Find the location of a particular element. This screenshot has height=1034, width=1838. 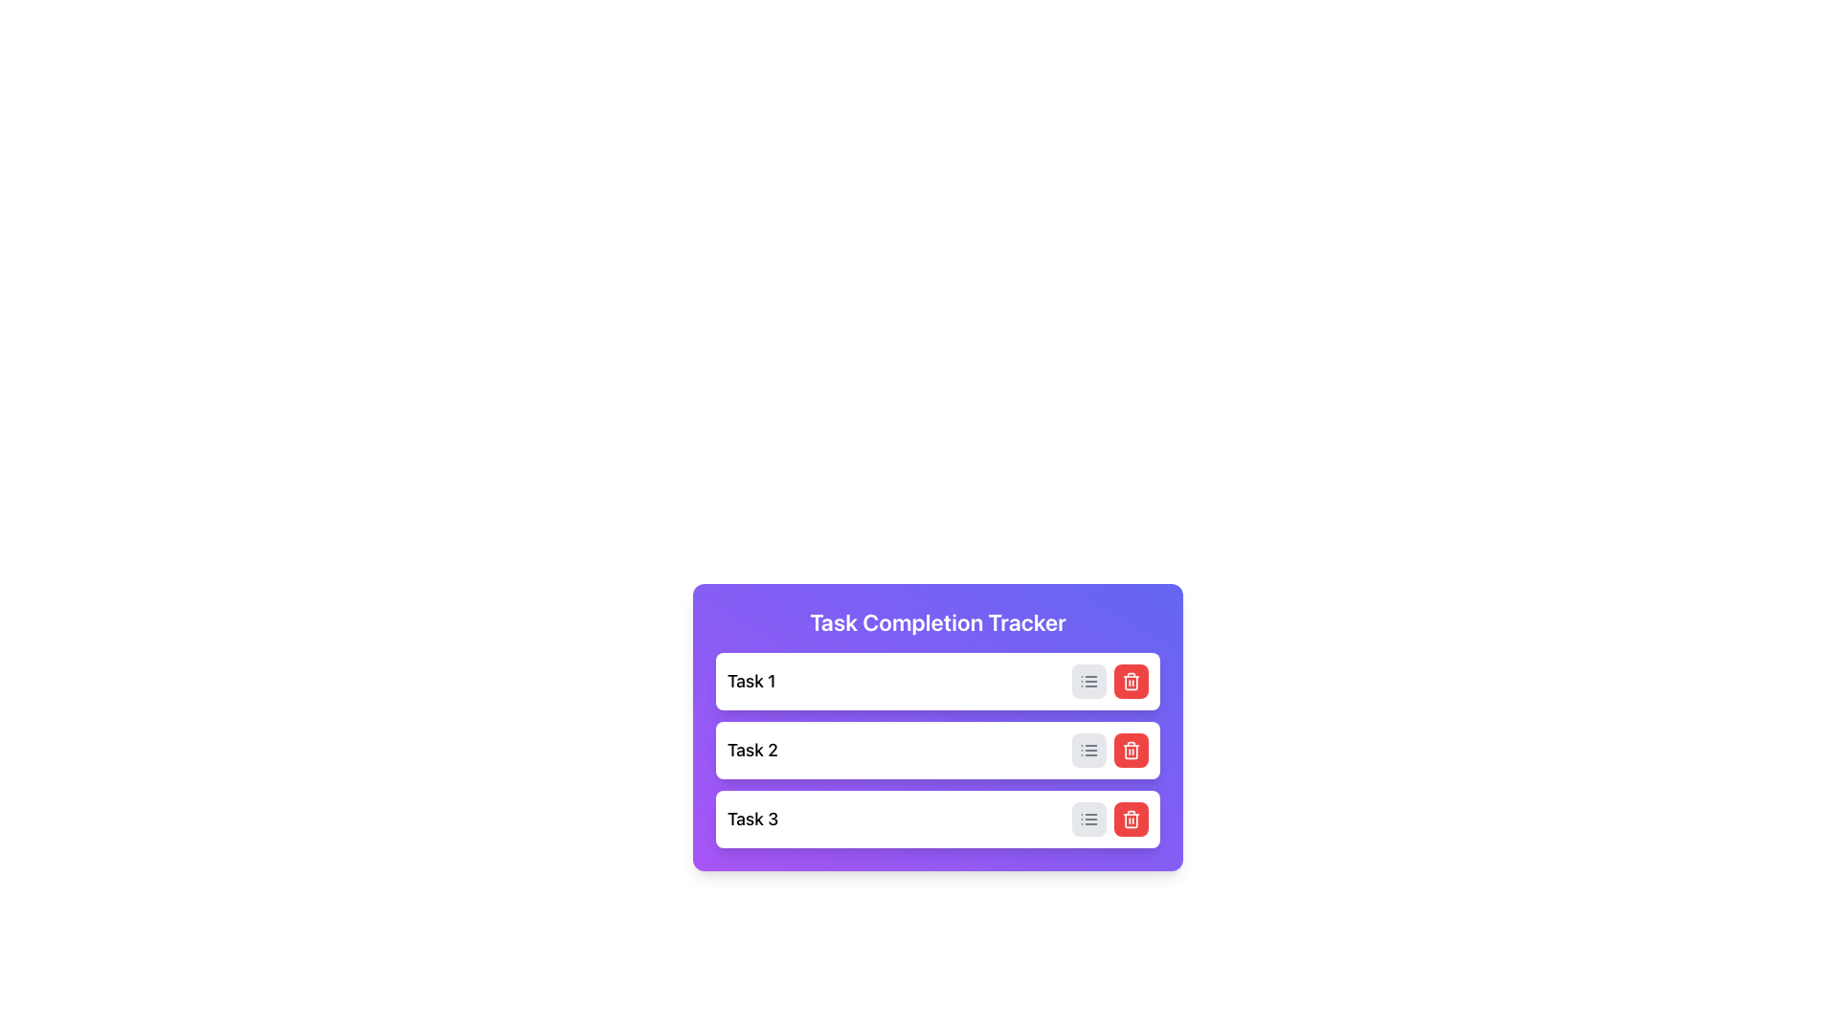

the compact list icon, which has parallel horizontal lines within a square outline, located to the left of the 'Task 1' label in the task management section is located at coordinates (1088, 749).